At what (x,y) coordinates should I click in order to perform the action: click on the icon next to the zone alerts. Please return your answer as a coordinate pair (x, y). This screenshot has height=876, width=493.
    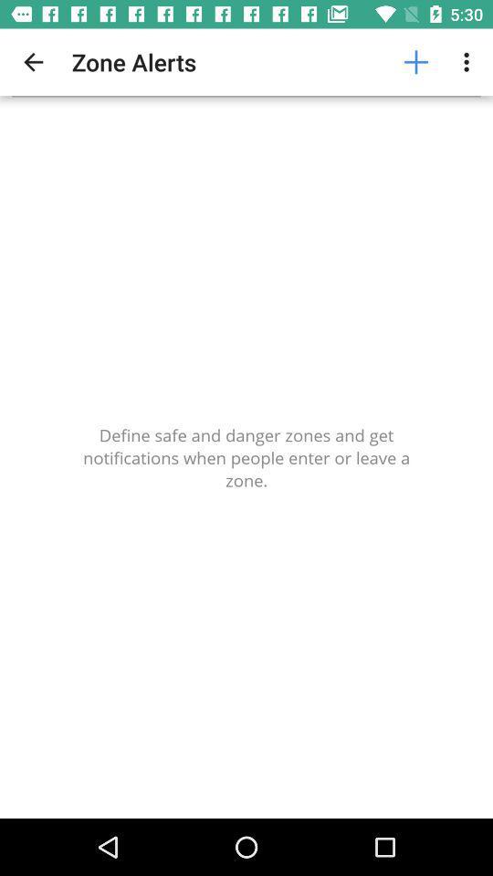
    Looking at the image, I should click on (33, 62).